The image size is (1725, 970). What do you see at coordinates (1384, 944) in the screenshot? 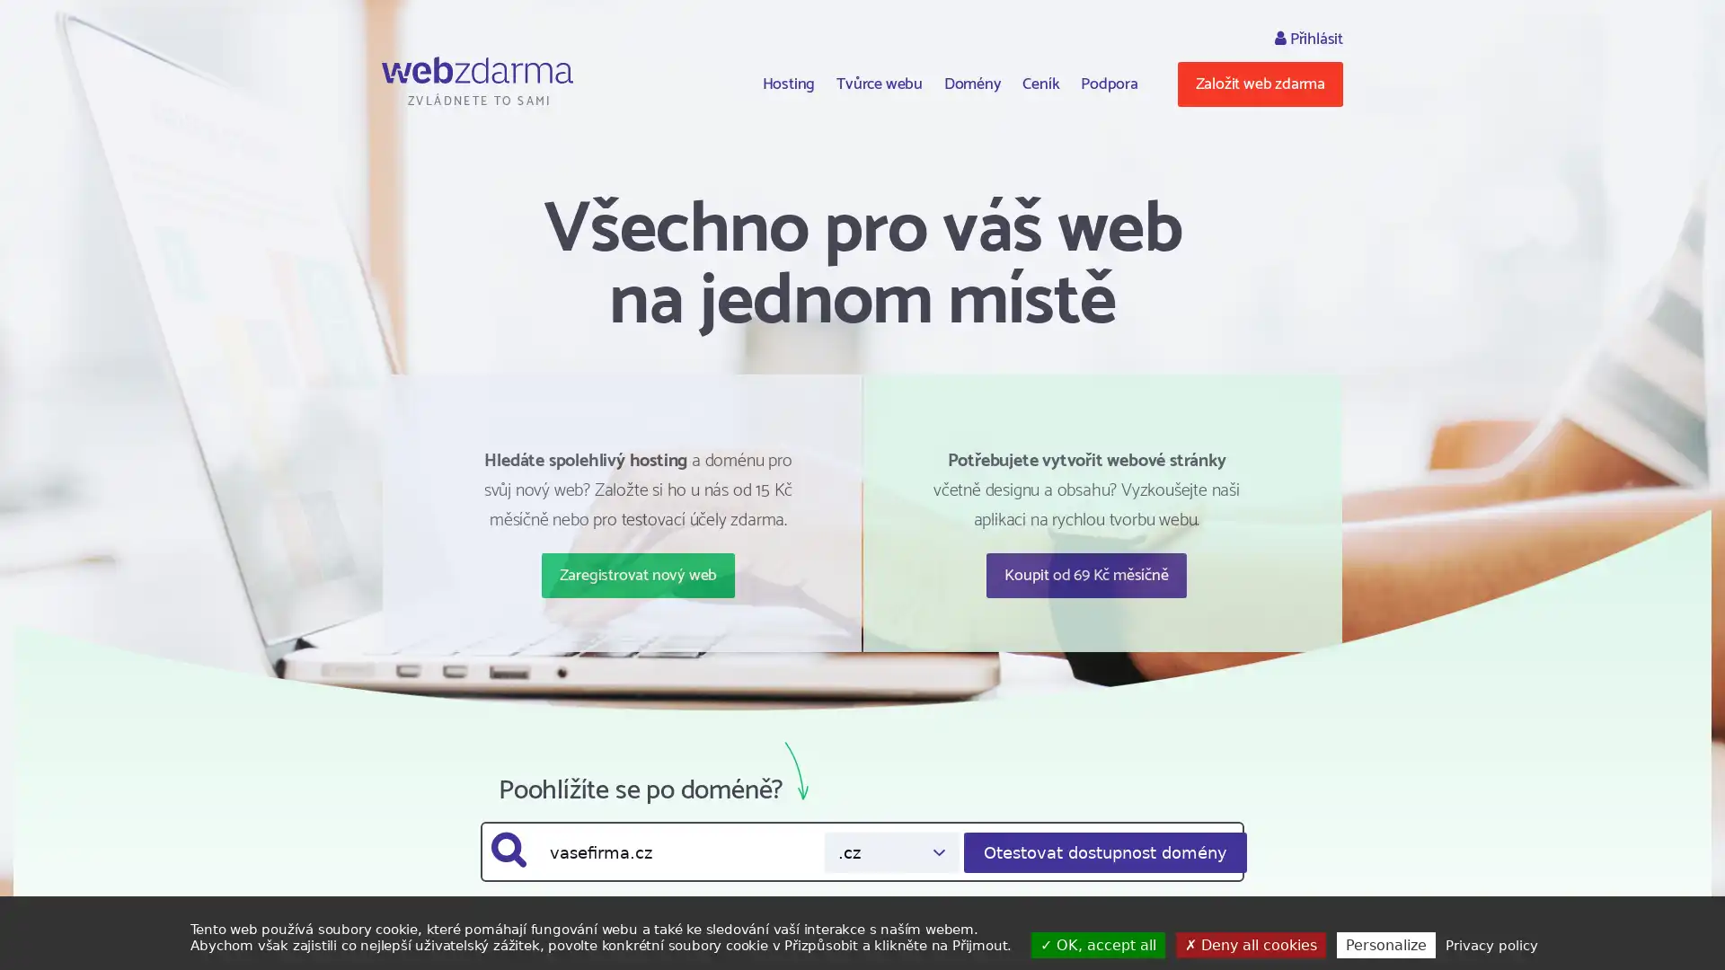
I see `Personalize (modal window)` at bounding box center [1384, 944].